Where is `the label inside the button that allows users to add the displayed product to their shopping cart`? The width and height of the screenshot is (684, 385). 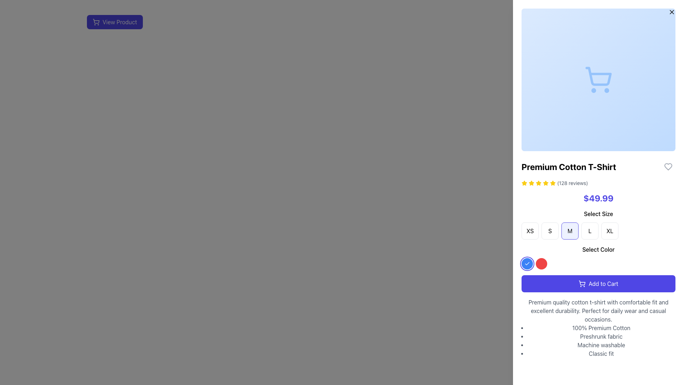
the label inside the button that allows users to add the displayed product to their shopping cart is located at coordinates (603, 283).